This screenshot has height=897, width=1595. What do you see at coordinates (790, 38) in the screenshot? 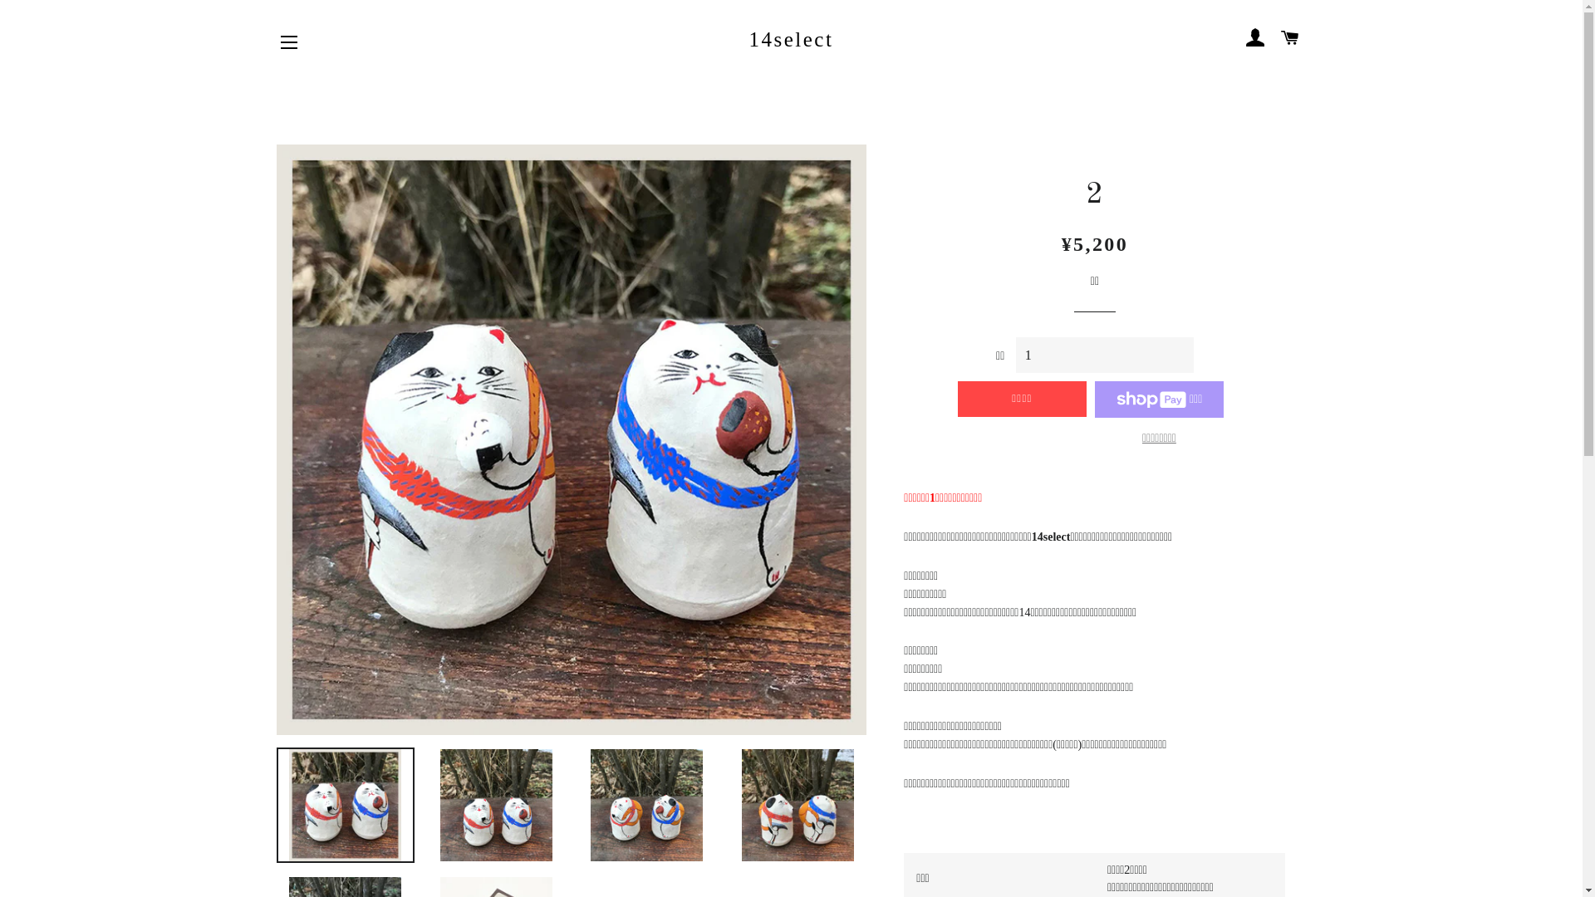
I see `'14select'` at bounding box center [790, 38].